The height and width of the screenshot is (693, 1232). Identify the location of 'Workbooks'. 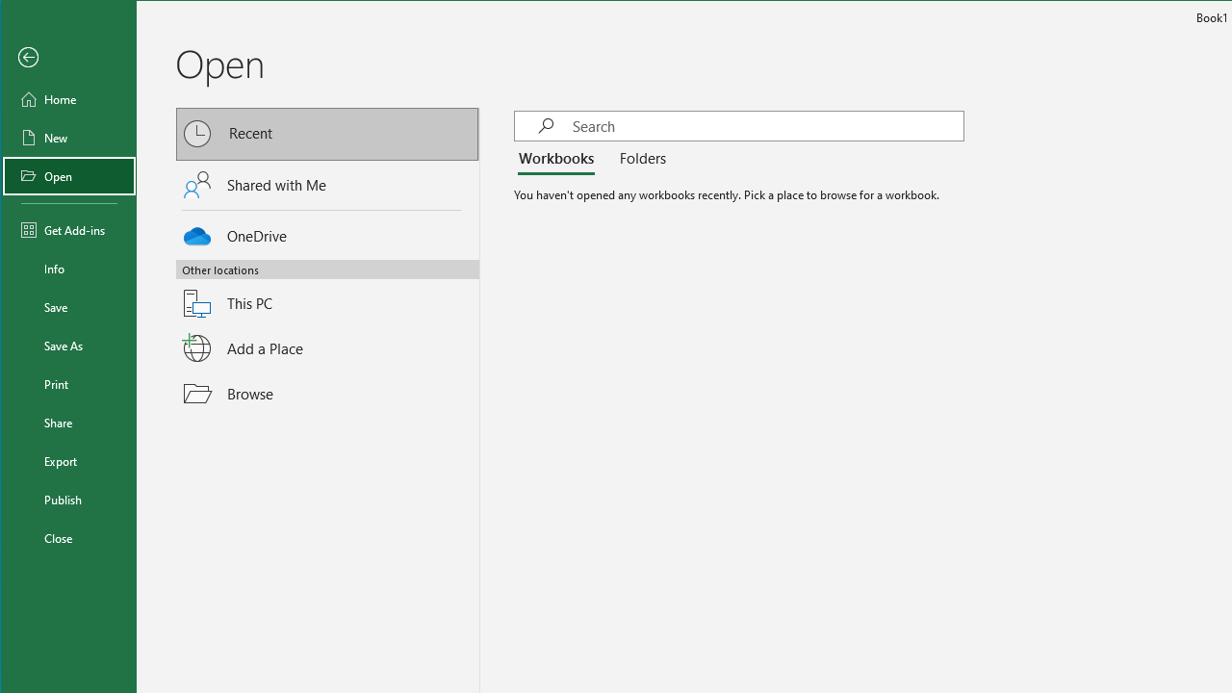
(558, 158).